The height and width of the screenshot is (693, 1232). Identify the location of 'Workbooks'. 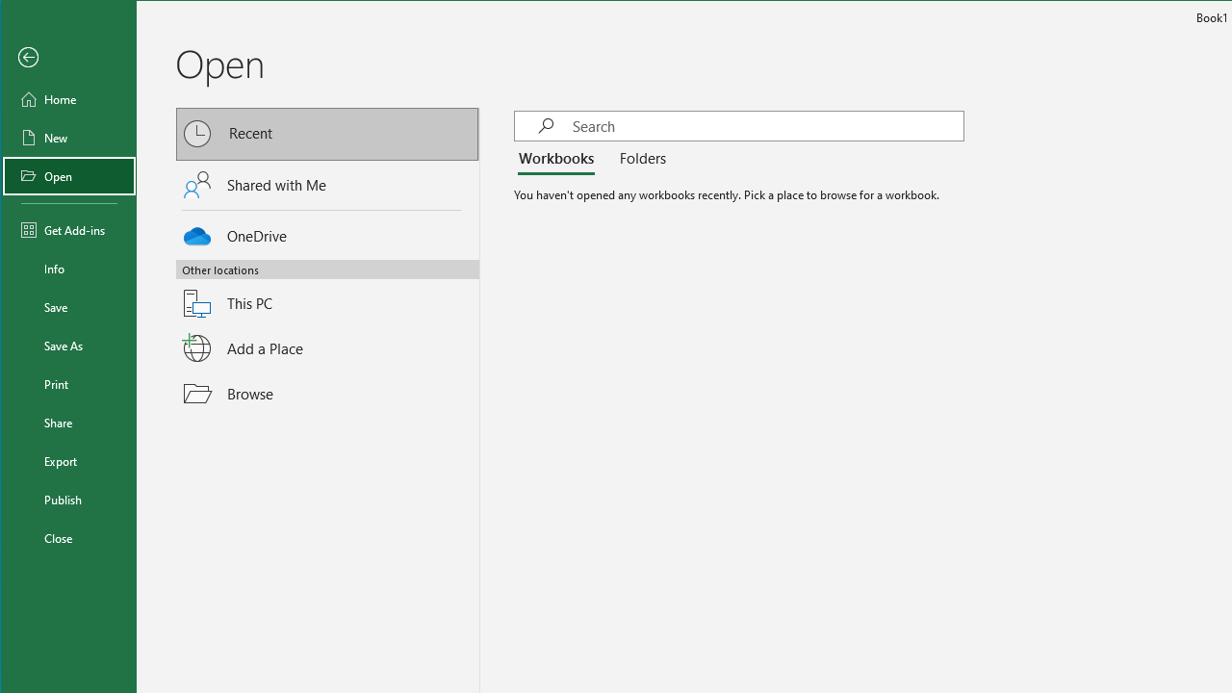
(558, 158).